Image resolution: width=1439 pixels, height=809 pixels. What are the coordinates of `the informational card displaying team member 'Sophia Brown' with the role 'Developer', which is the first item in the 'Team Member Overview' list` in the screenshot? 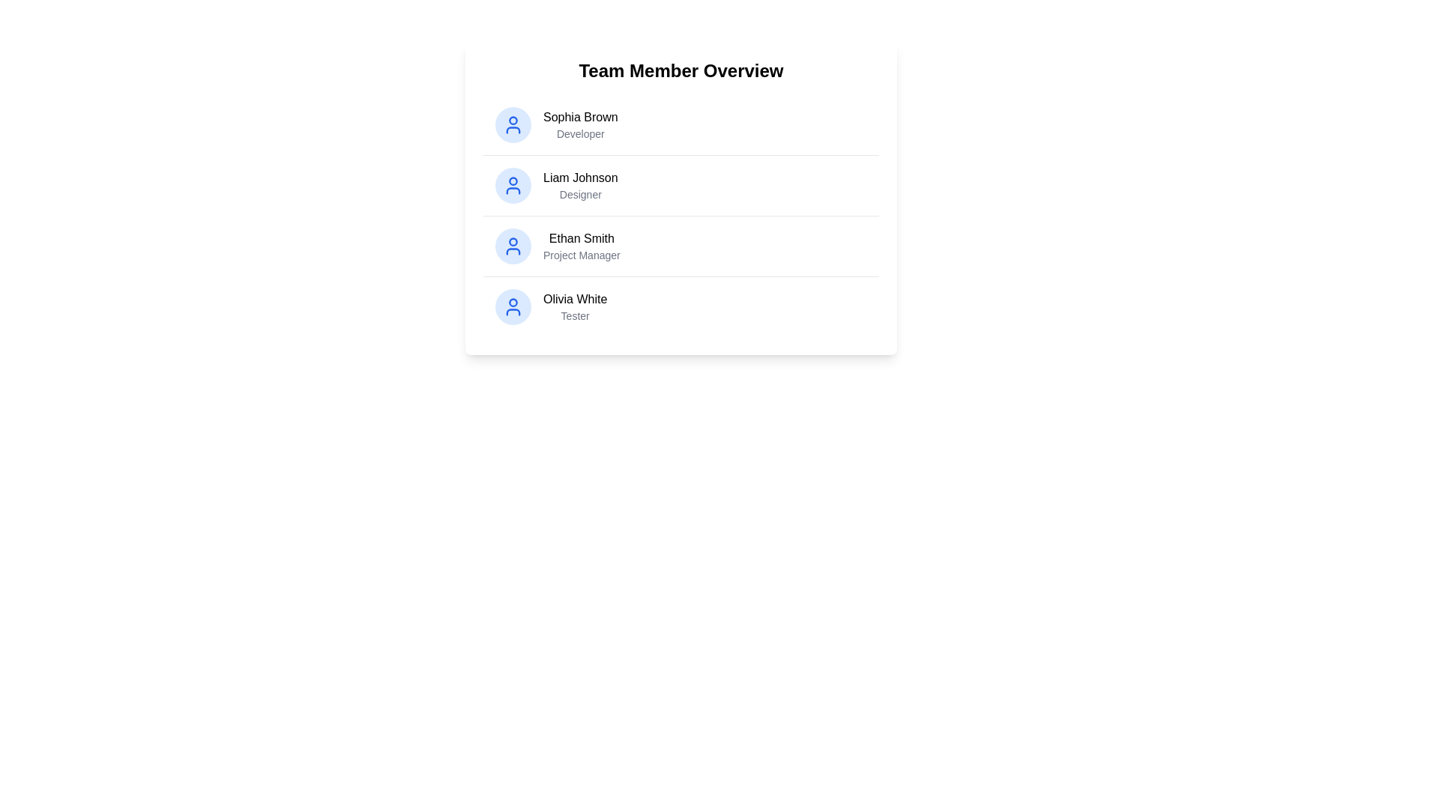 It's located at (680, 124).